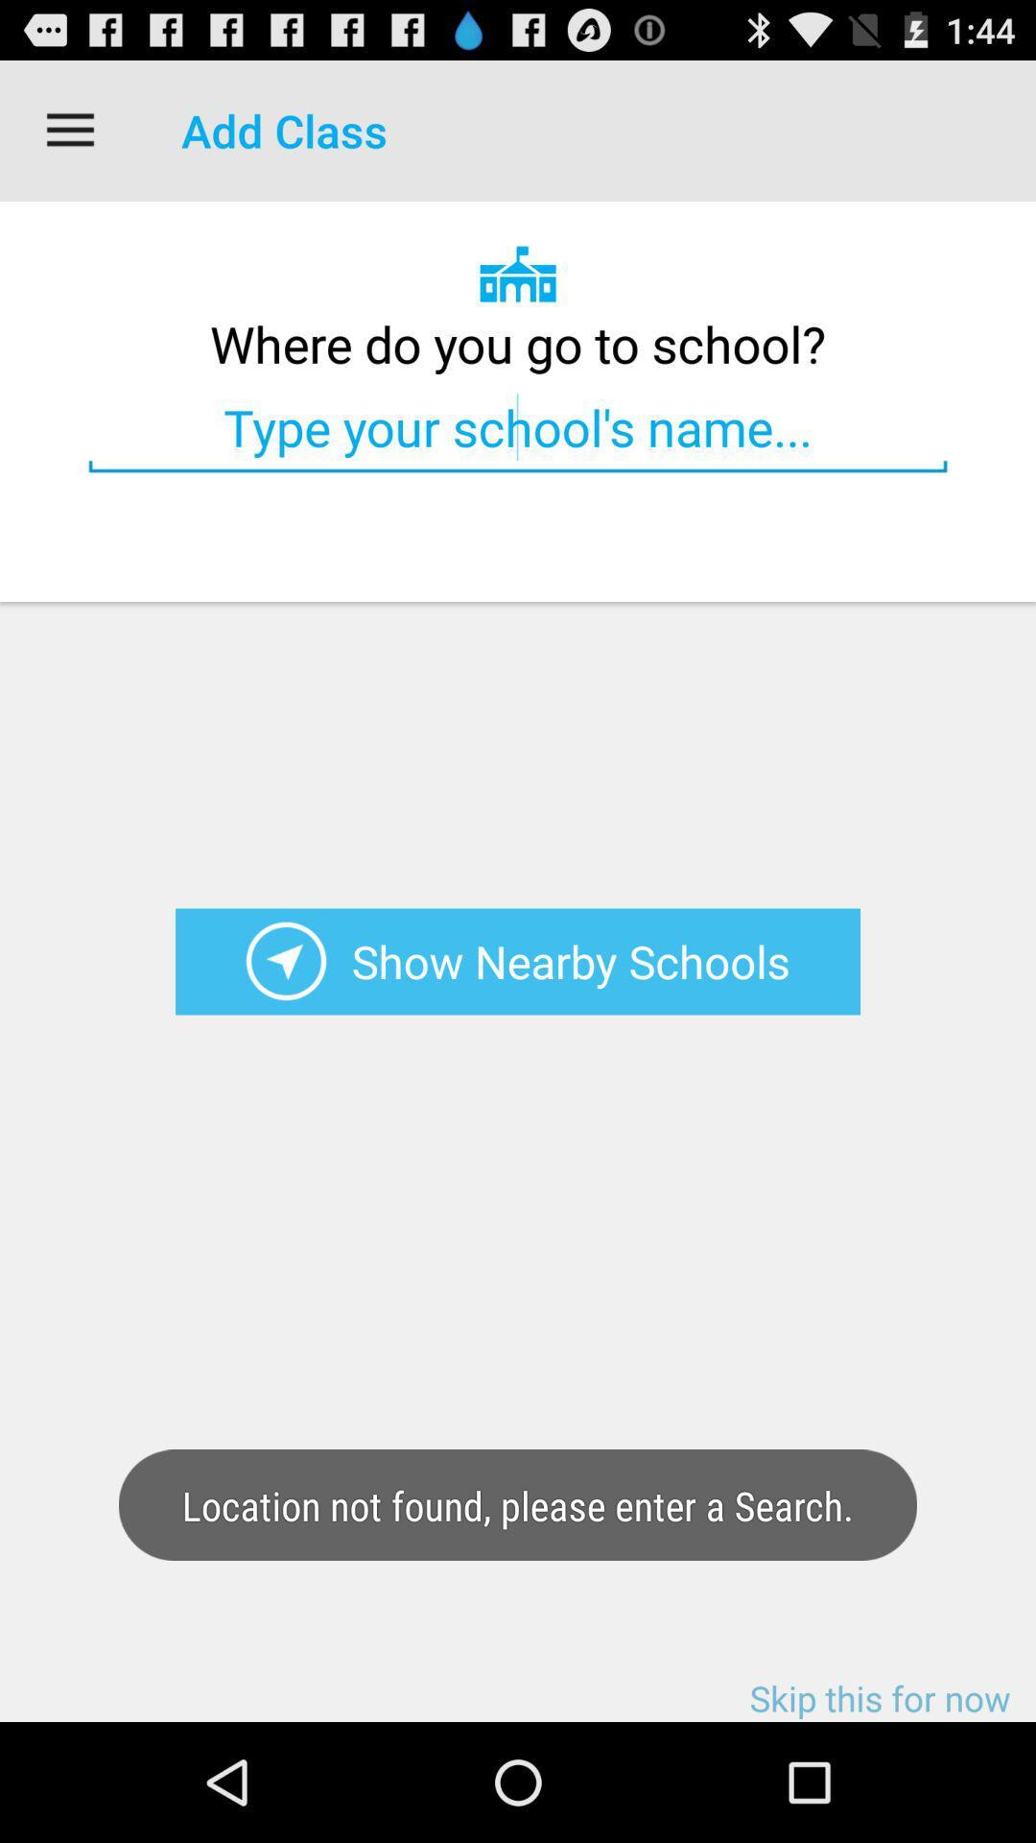 The height and width of the screenshot is (1843, 1036). I want to click on the navigation icon, so click(286, 1028).